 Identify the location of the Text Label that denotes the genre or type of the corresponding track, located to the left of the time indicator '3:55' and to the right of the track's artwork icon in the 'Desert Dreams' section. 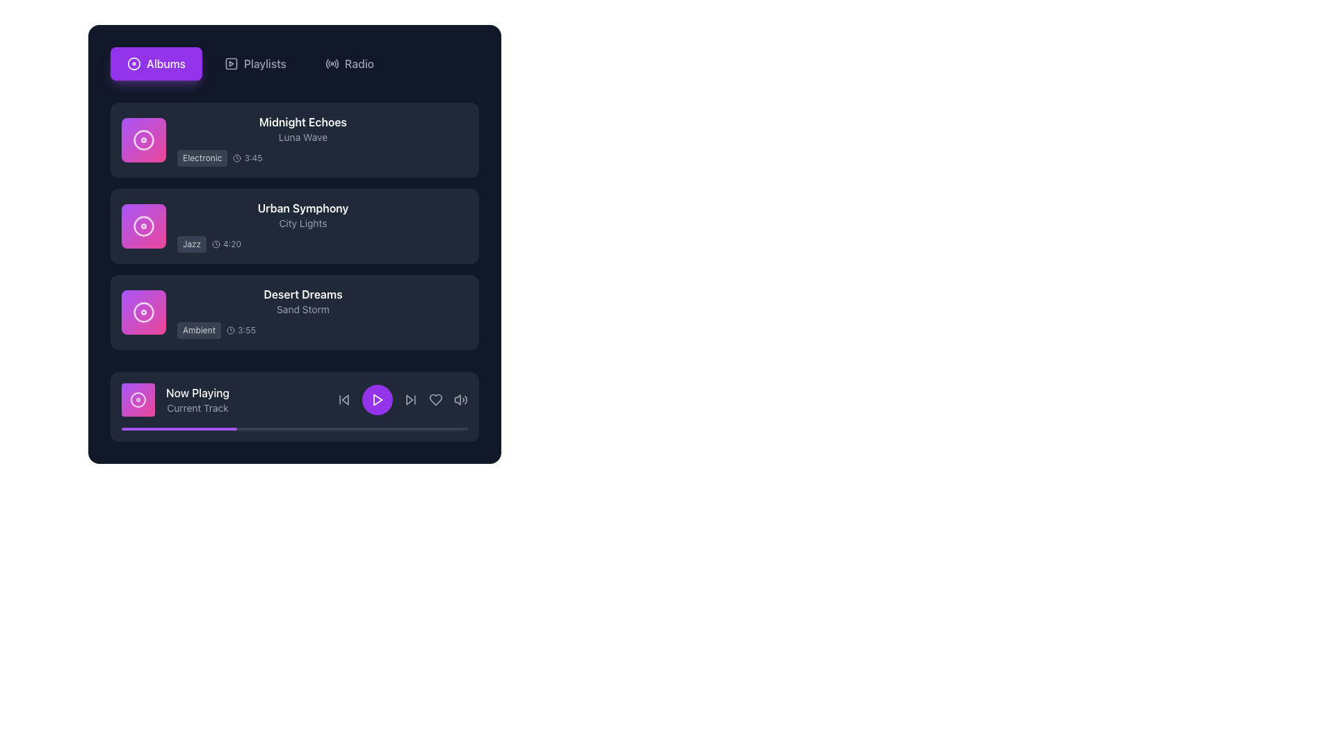
(198, 330).